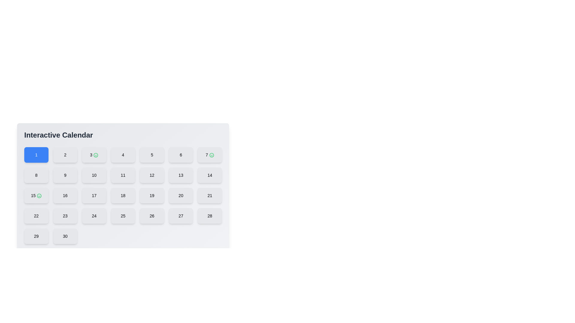 This screenshot has width=575, height=323. What do you see at coordinates (94, 216) in the screenshot?
I see `the button representing the 24th day in the calendar interface` at bounding box center [94, 216].